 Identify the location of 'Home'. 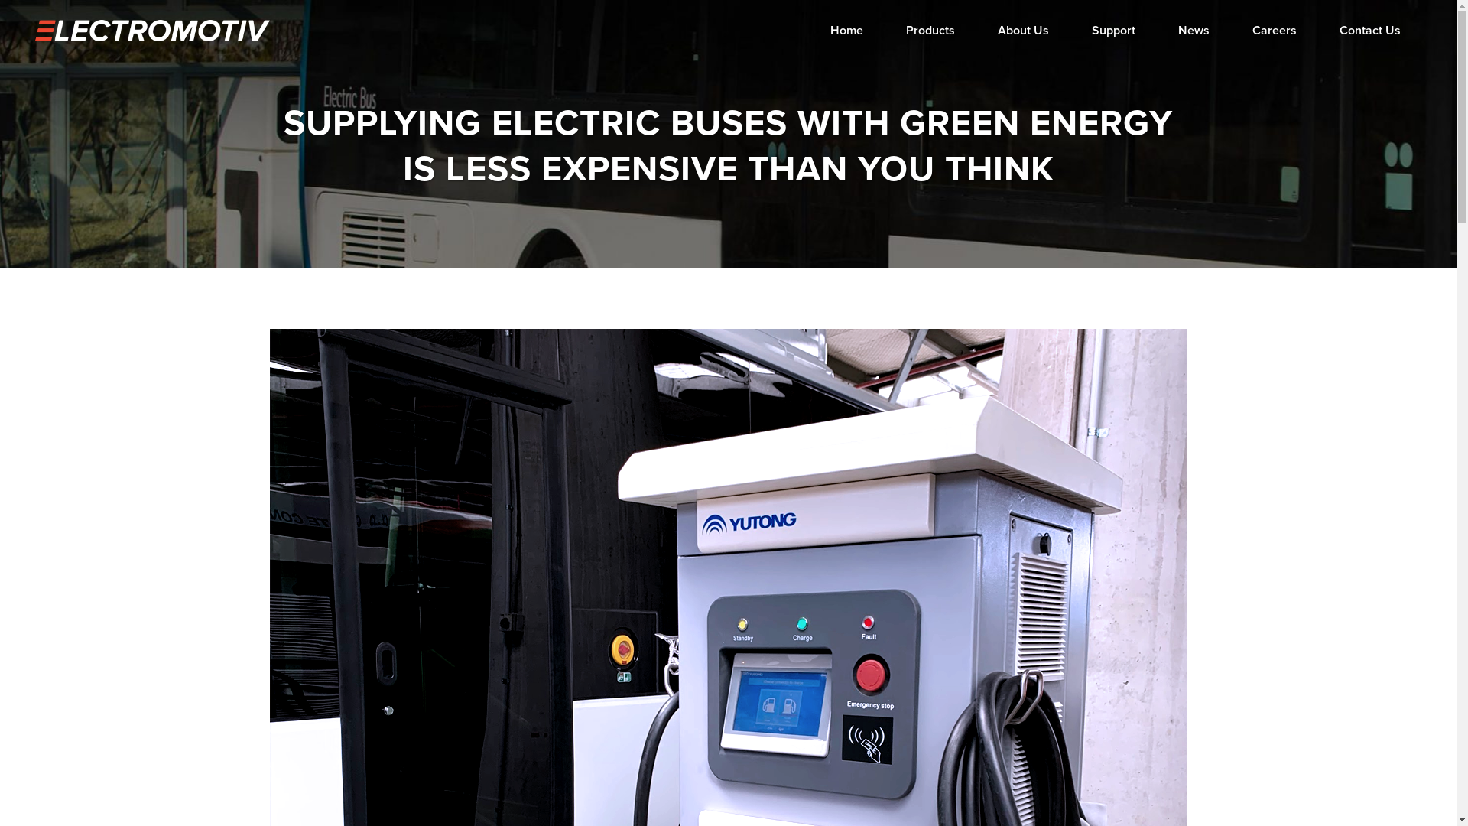
(807, 30).